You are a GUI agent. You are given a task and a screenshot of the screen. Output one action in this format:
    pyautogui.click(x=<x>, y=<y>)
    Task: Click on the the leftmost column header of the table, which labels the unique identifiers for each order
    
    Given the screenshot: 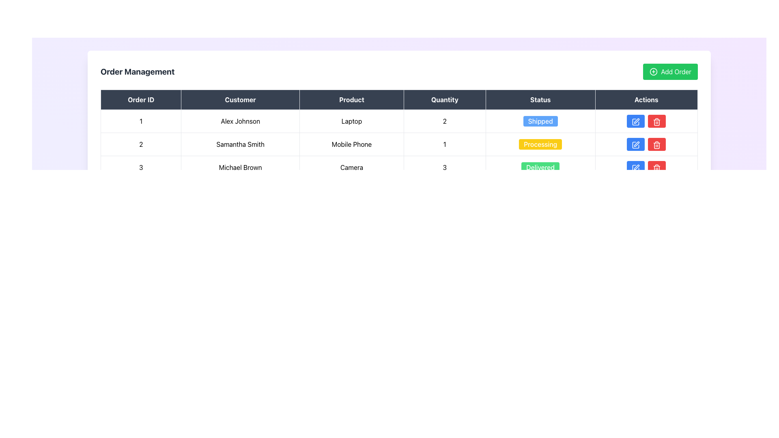 What is the action you would take?
    pyautogui.click(x=141, y=99)
    